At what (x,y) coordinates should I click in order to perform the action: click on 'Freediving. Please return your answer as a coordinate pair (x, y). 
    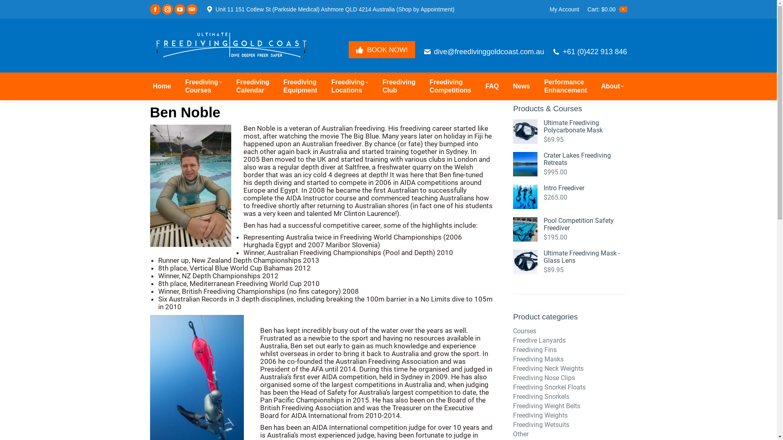
    Looking at the image, I should click on (331, 86).